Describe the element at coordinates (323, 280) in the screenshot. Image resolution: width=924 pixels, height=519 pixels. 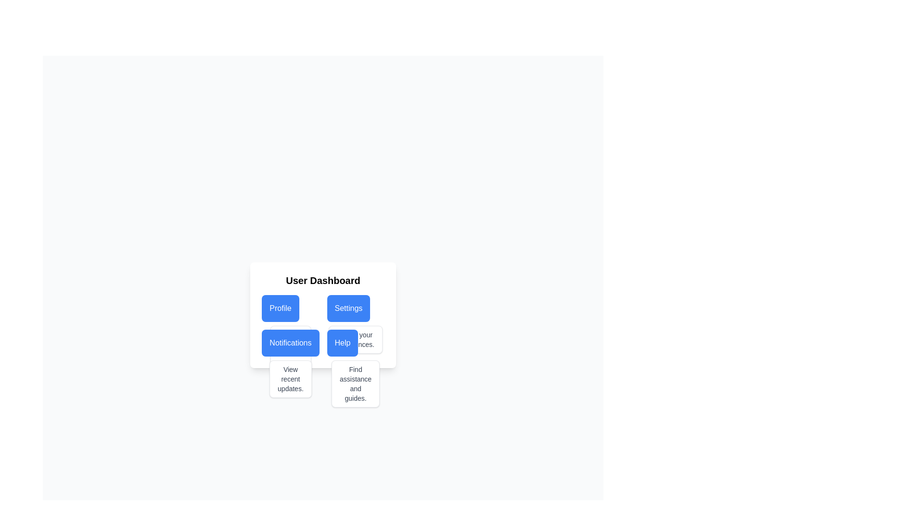
I see `the Header Text element located at the top-center of the panel, which indicates the purpose of the content below and precedes the grid section with interactive buttons` at that location.